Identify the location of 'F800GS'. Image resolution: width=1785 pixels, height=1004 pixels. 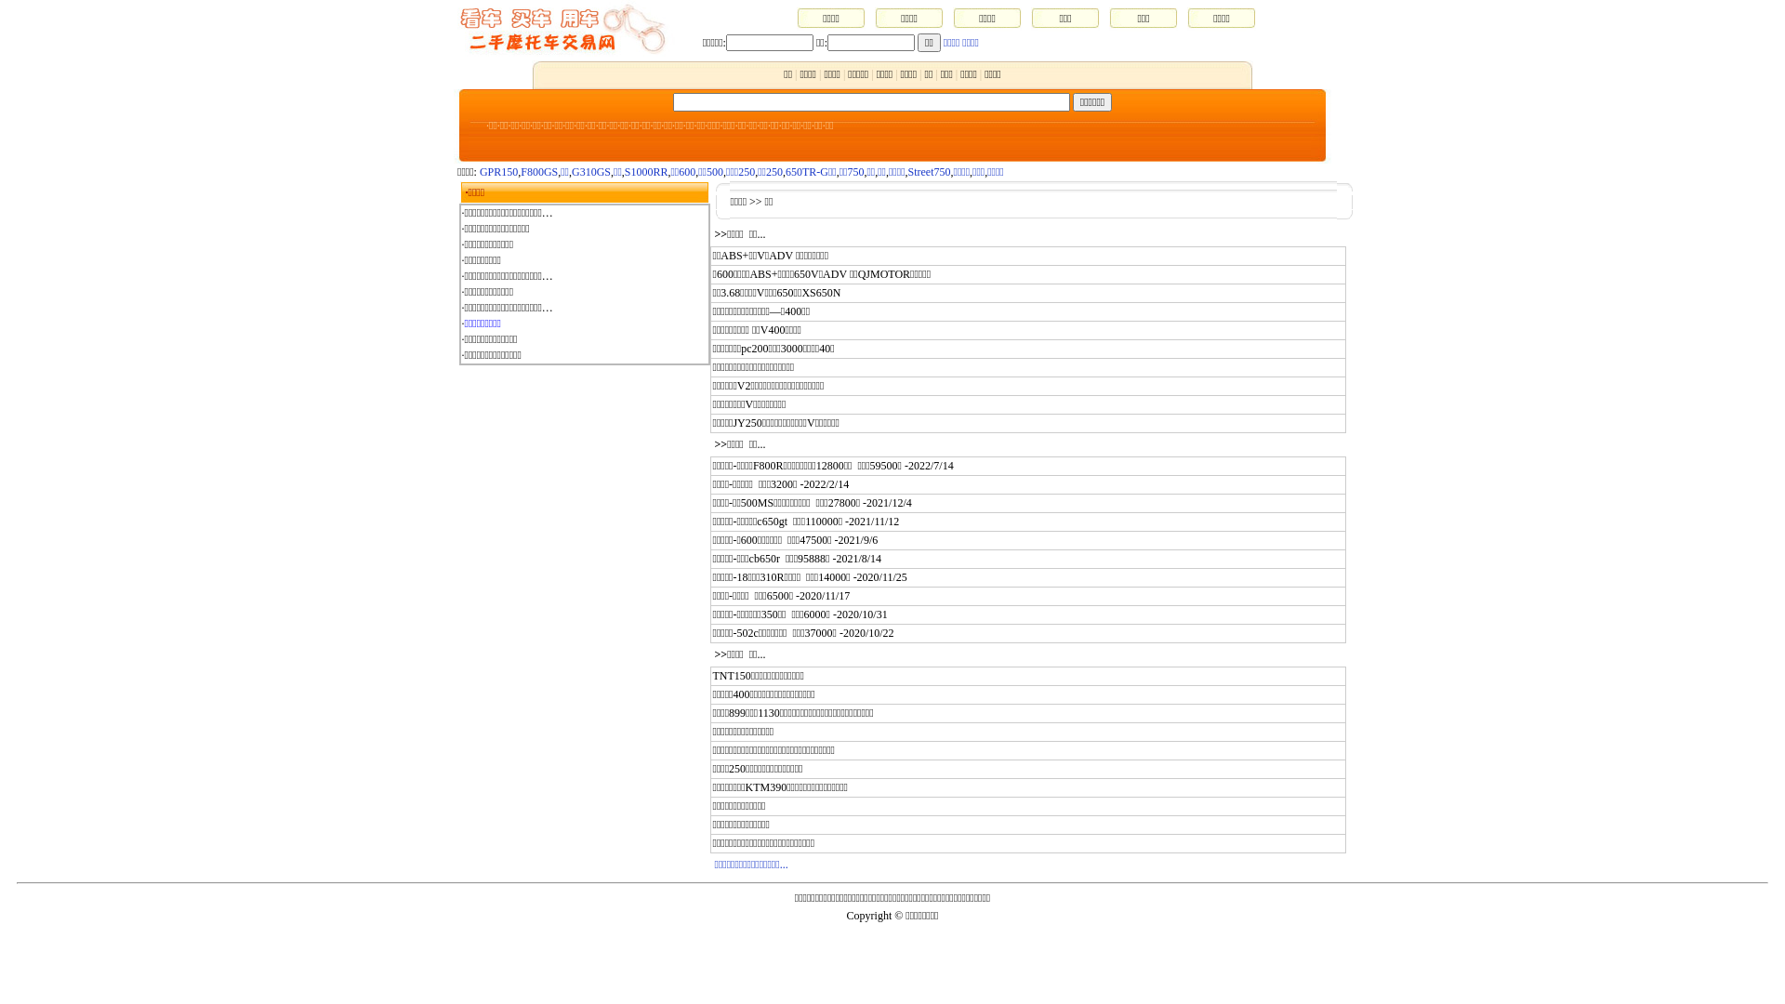
(521, 172).